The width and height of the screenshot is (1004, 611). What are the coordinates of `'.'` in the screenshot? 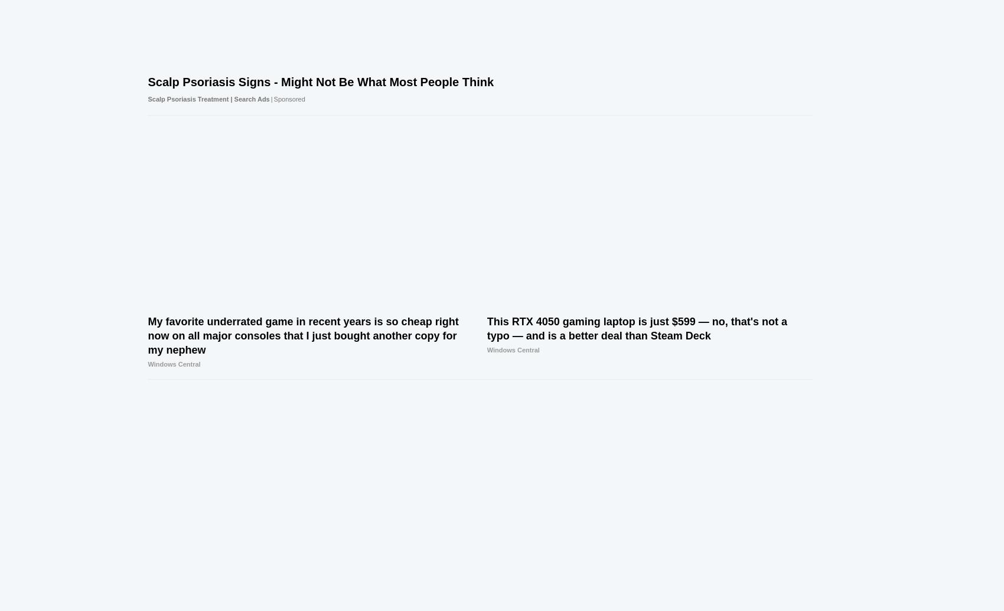 It's located at (614, 513).